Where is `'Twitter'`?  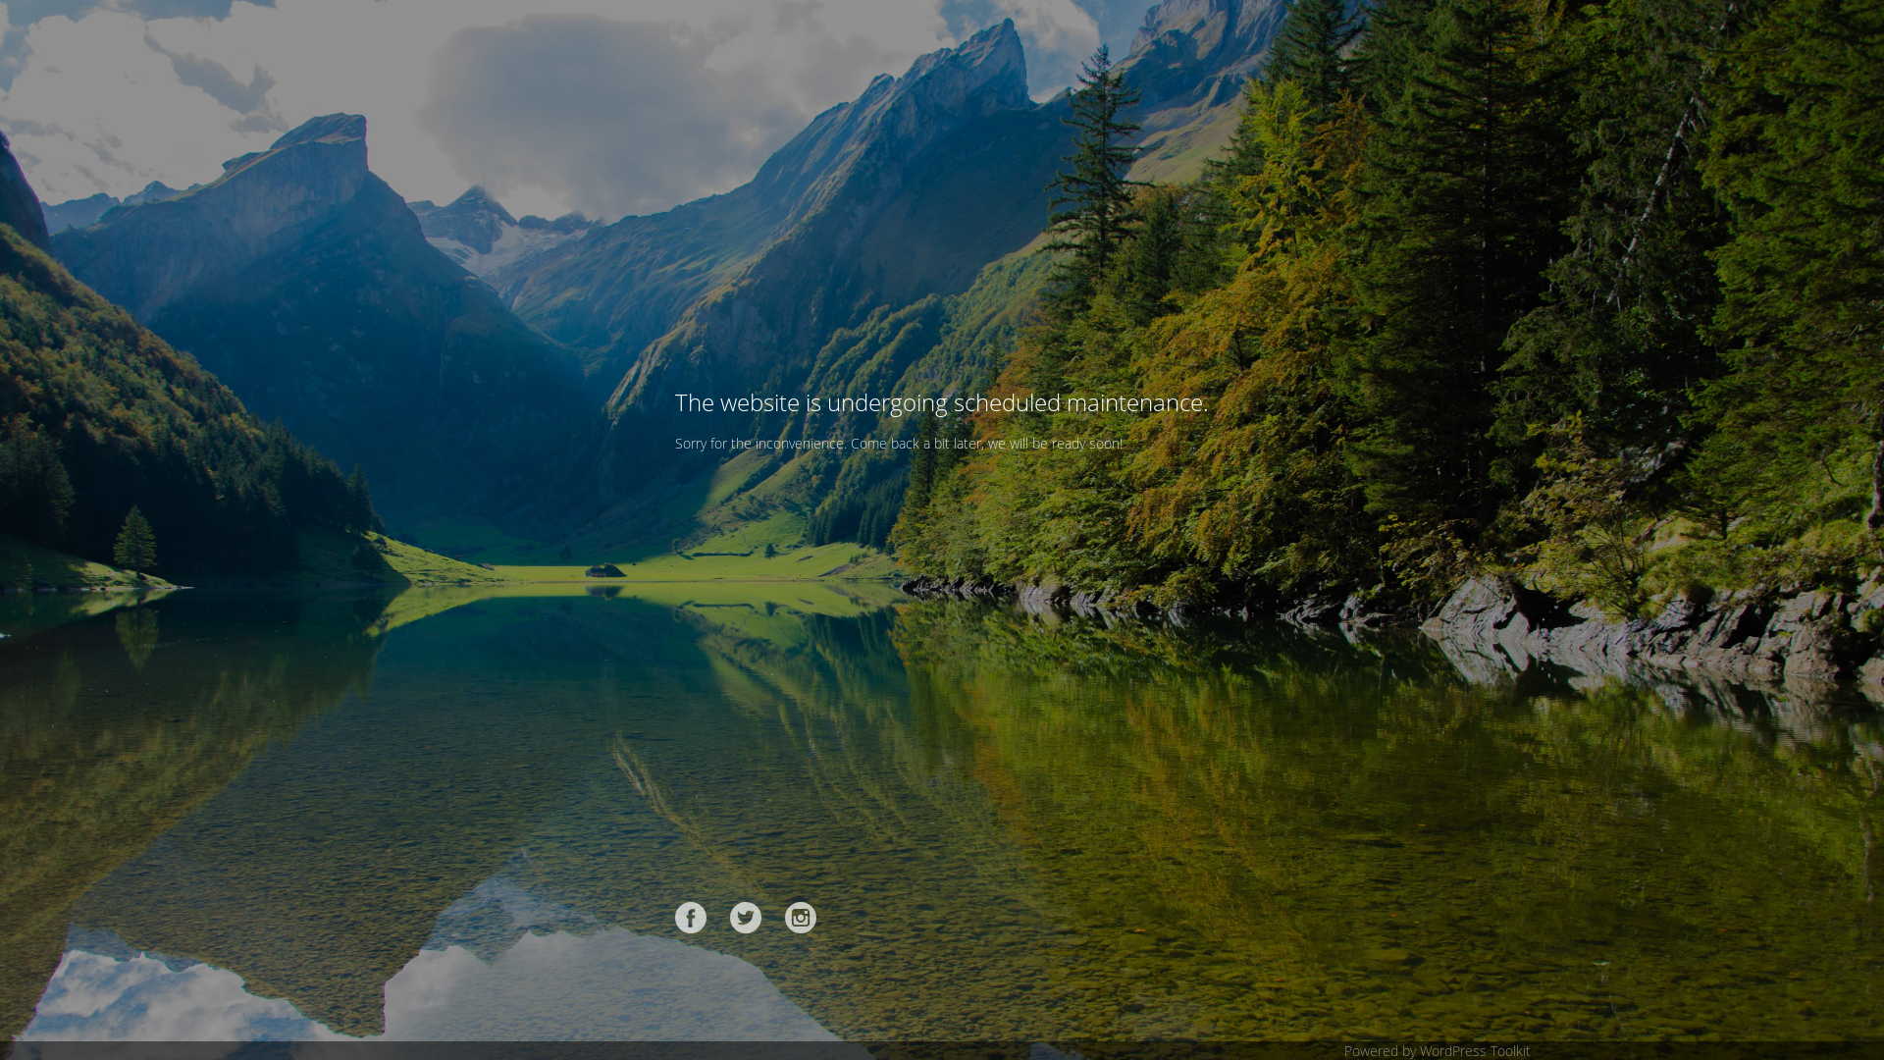
'Twitter' is located at coordinates (729, 917).